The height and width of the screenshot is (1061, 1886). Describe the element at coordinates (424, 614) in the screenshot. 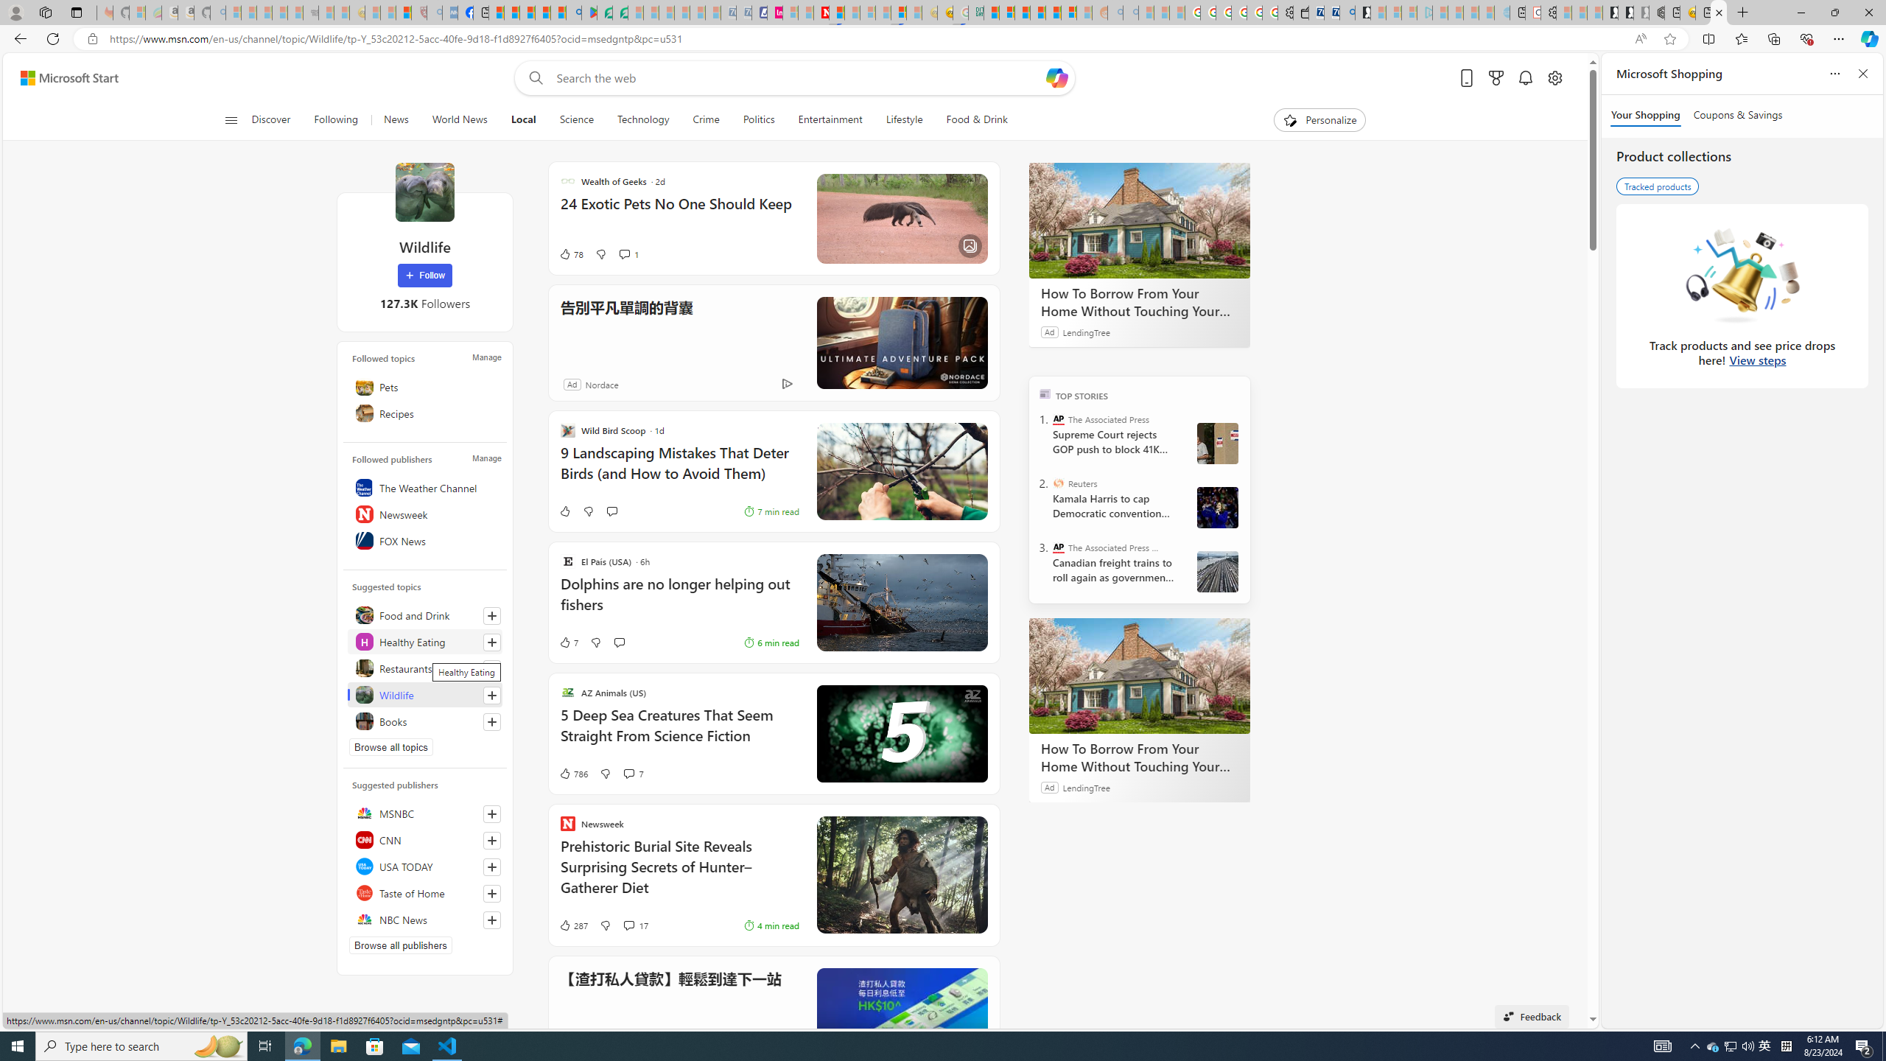

I see `'Food and Drink'` at that location.